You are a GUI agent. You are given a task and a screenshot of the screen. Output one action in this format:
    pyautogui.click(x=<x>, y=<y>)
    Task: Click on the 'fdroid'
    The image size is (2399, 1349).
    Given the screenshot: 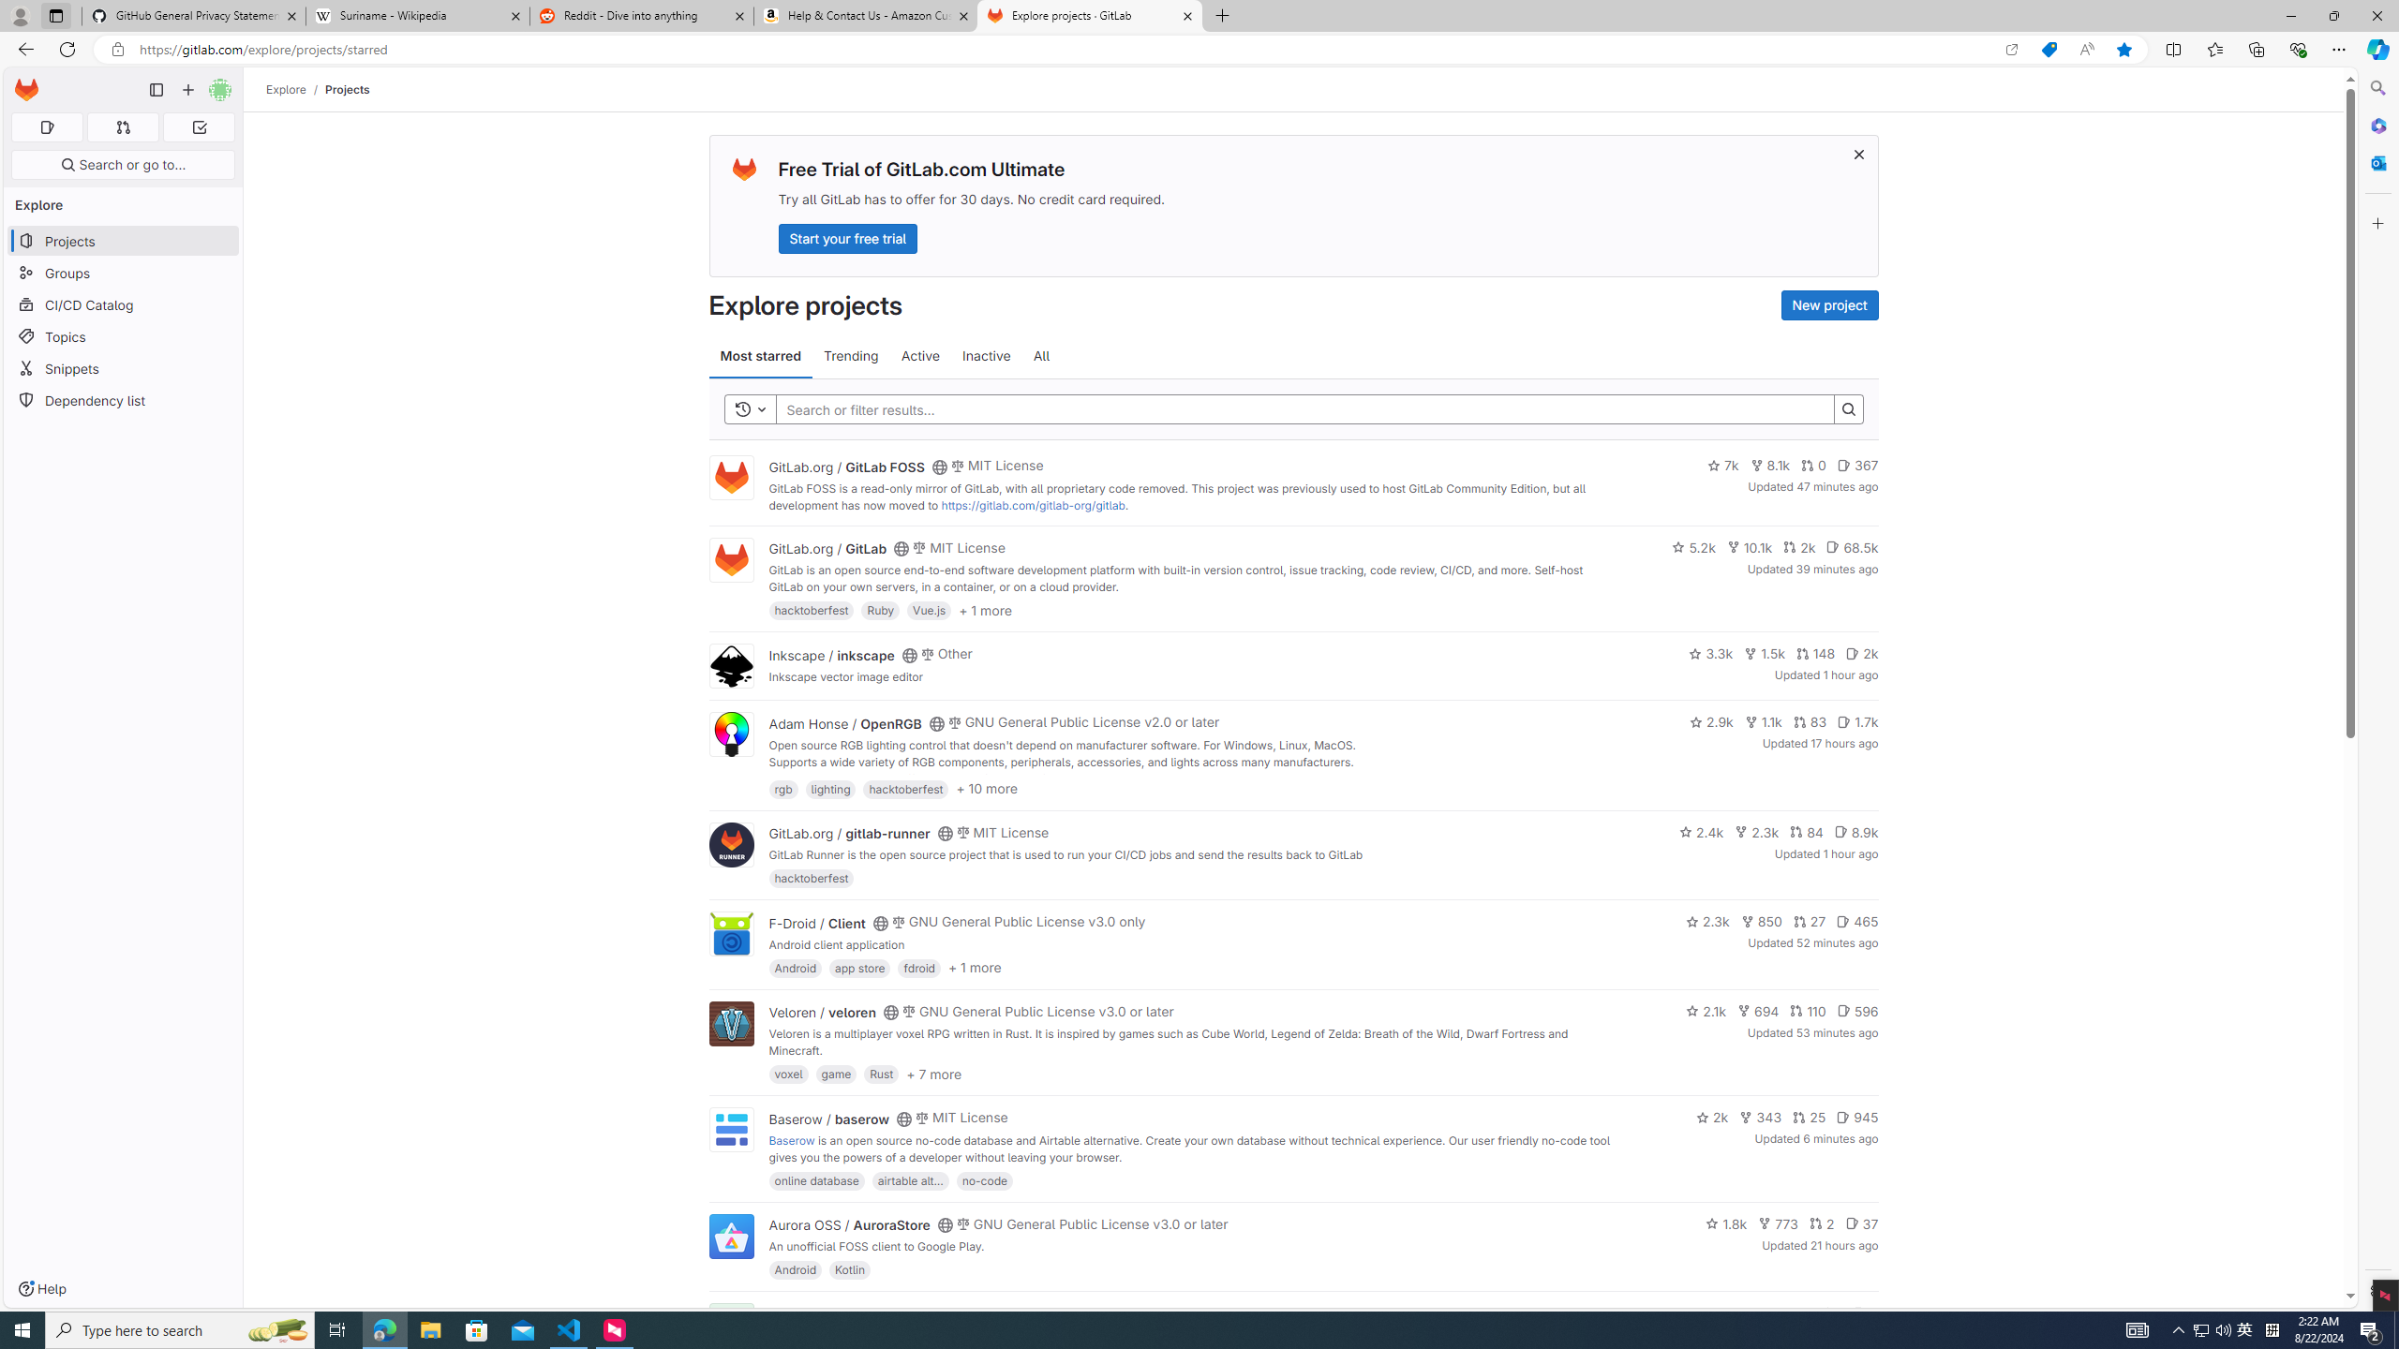 What is the action you would take?
    pyautogui.click(x=919, y=966)
    